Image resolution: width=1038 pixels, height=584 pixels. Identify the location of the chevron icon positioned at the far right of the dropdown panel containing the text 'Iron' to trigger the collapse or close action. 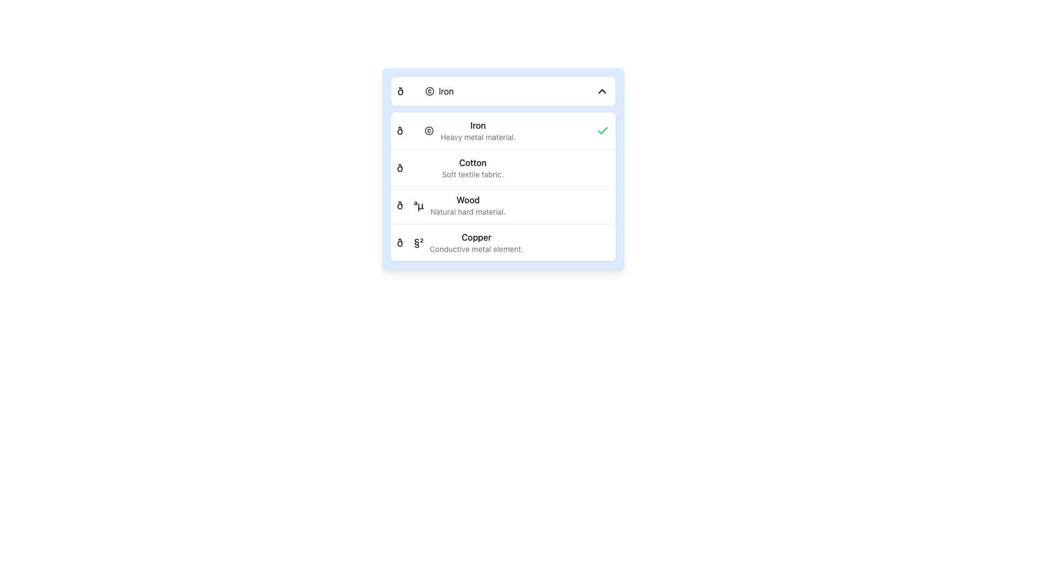
(601, 91).